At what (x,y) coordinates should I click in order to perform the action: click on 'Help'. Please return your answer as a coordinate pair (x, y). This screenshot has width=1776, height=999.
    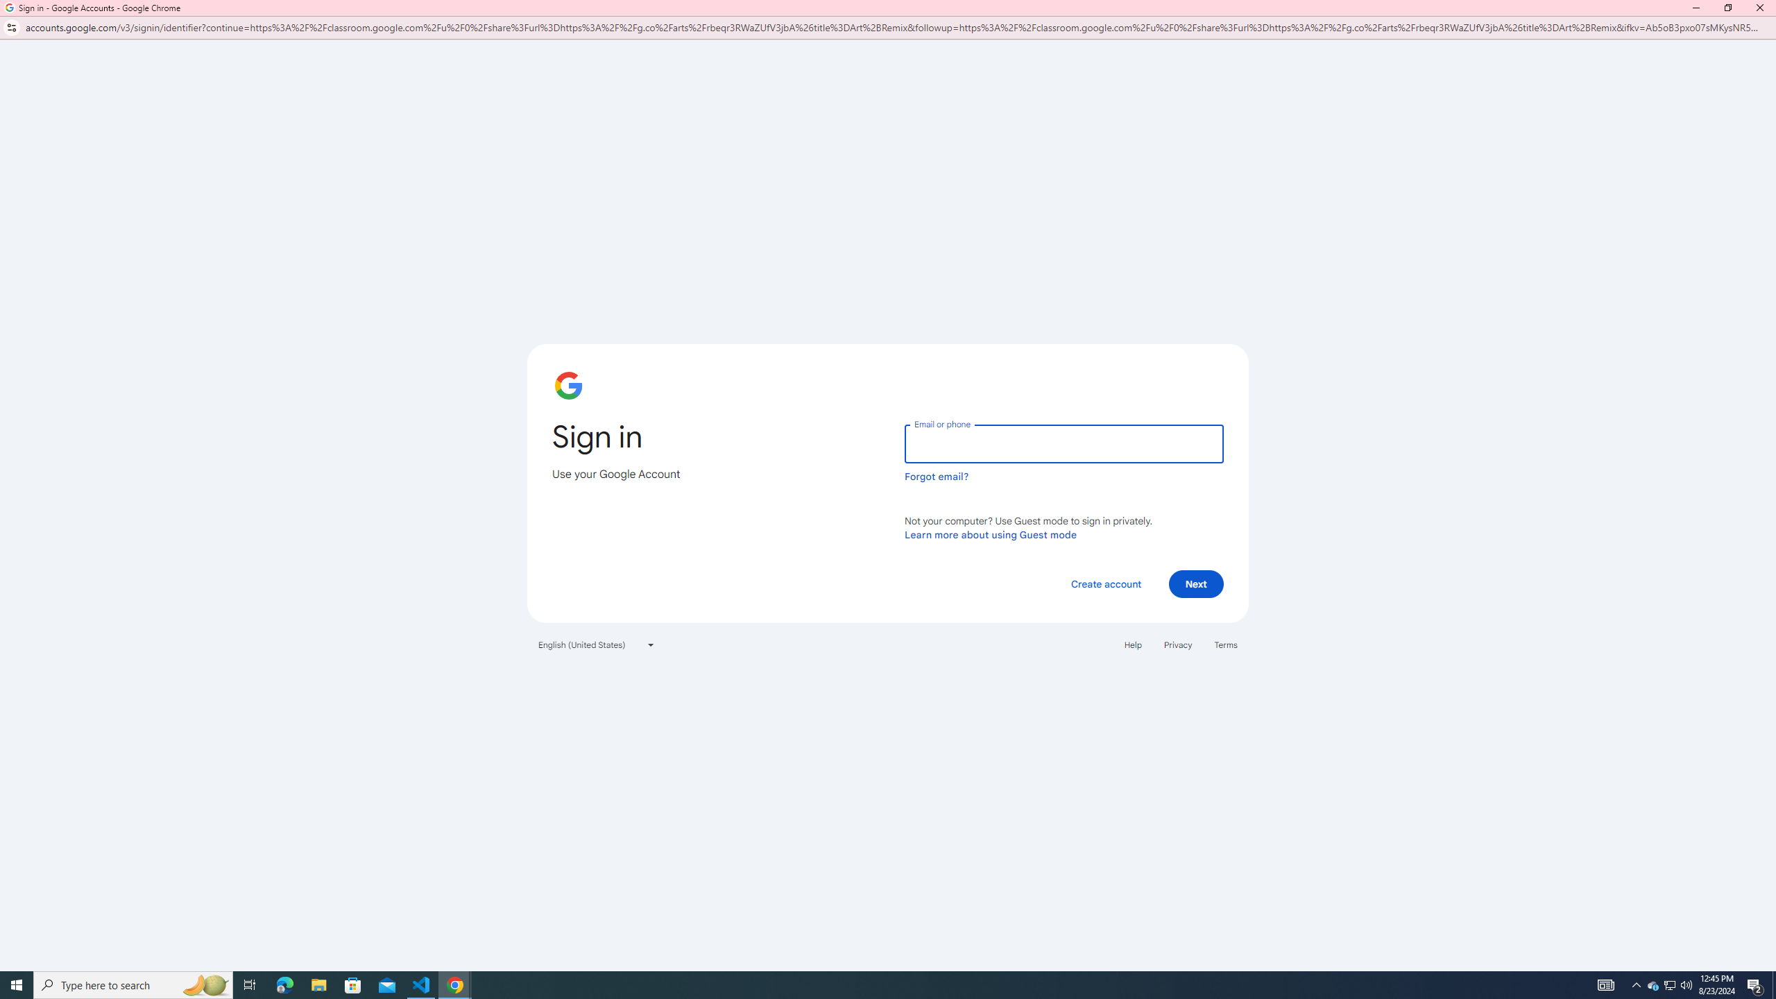
    Looking at the image, I should click on (1132, 645).